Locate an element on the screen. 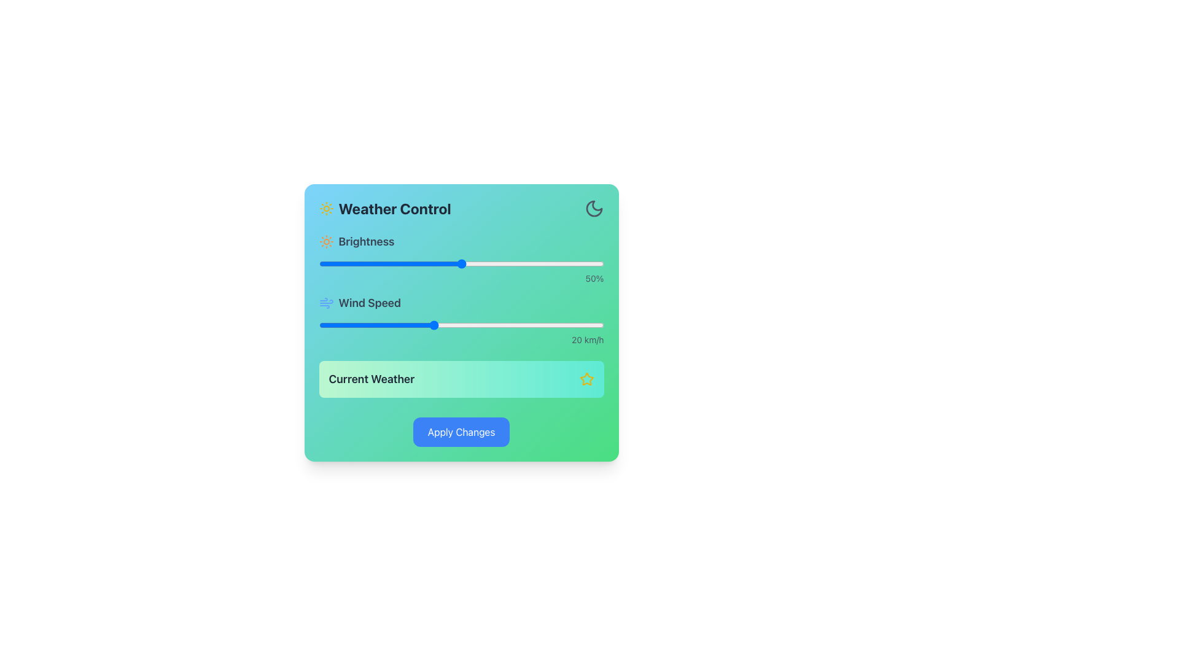 Image resolution: width=1179 pixels, height=663 pixels. wind speed is located at coordinates (489, 324).